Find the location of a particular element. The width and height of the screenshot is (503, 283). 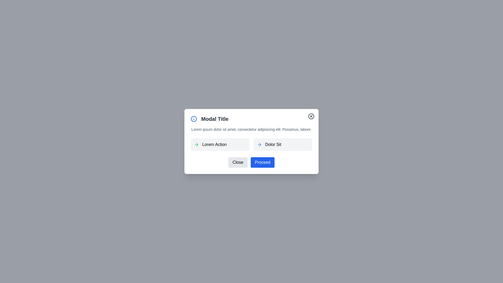

the button labeled 'Dolor Sit' located on the right side of the two-column grid layout is located at coordinates (283, 144).